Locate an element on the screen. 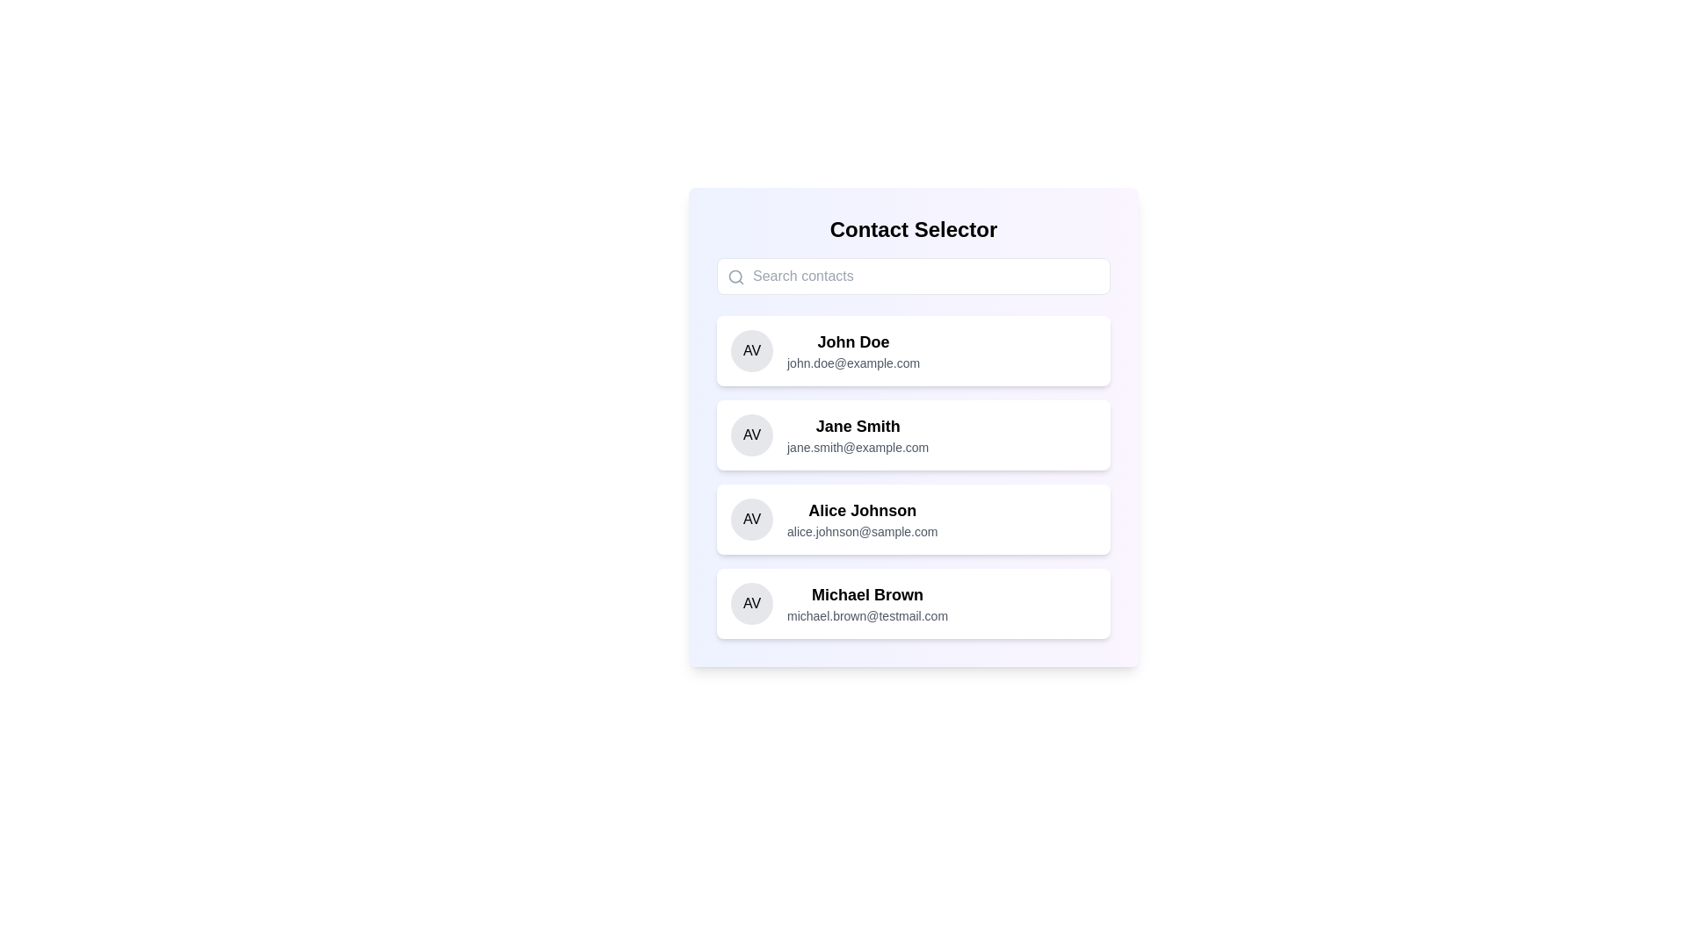 The height and width of the screenshot is (948, 1687). the Profile Avatar Placeholder for the contact 'Alice Johnson', which is the third entry in the contact list is located at coordinates (751, 518).